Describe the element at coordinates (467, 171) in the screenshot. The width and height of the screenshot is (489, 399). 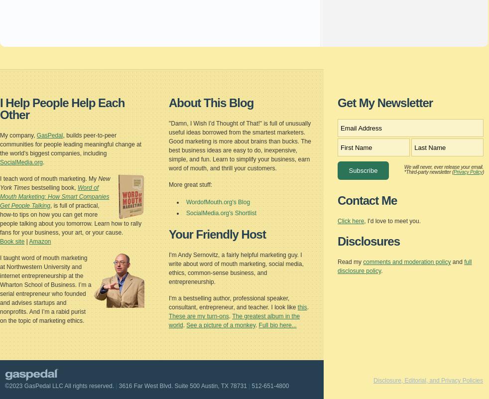
I see `'Privacy Policy'` at that location.